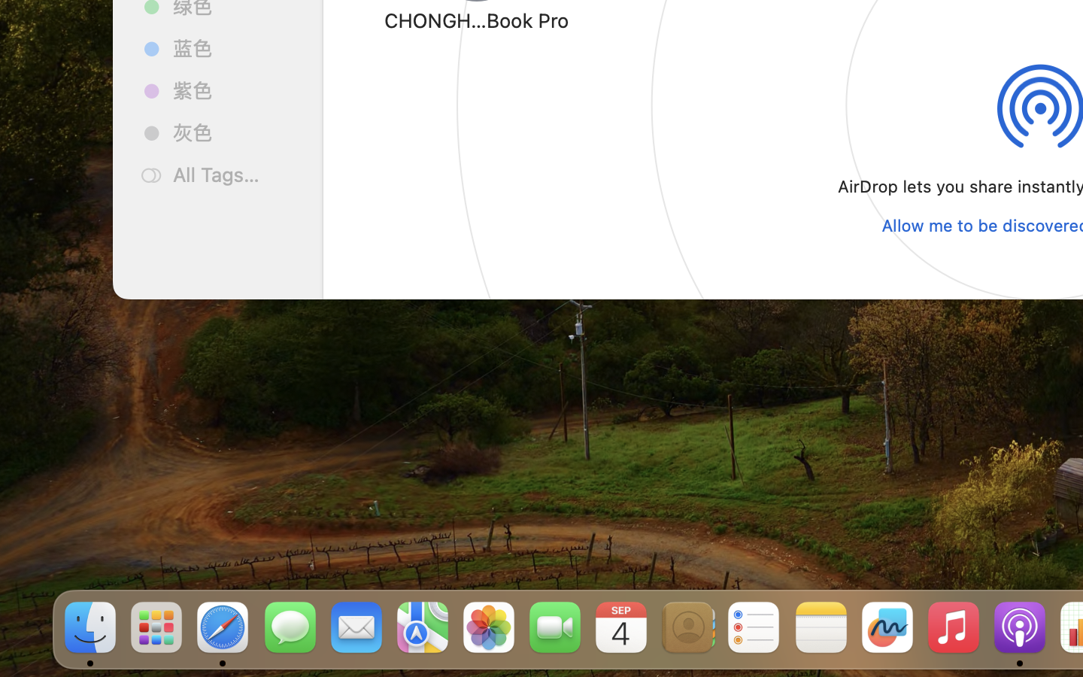  I want to click on '紫色', so click(234, 90).